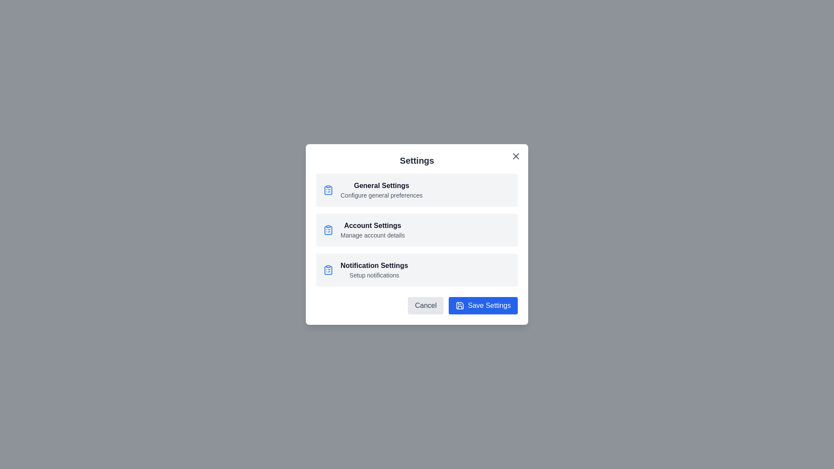  What do you see at coordinates (417, 229) in the screenshot?
I see `the 'Account Settings' entry in the settings list` at bounding box center [417, 229].